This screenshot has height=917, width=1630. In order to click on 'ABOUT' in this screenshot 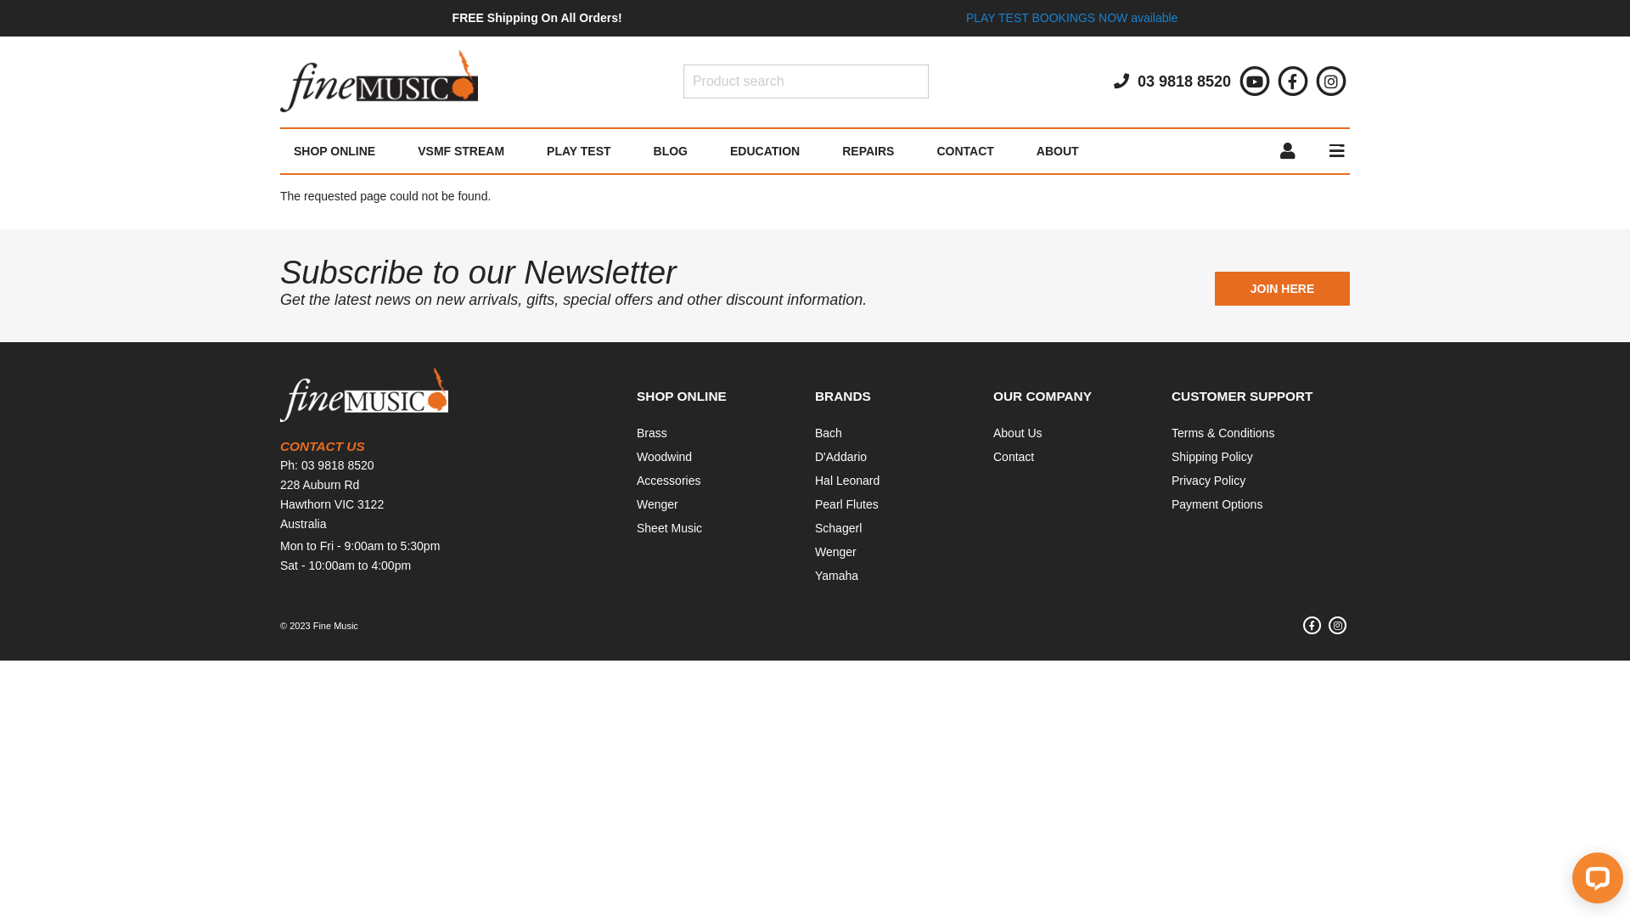, I will do `click(1057, 149)`.